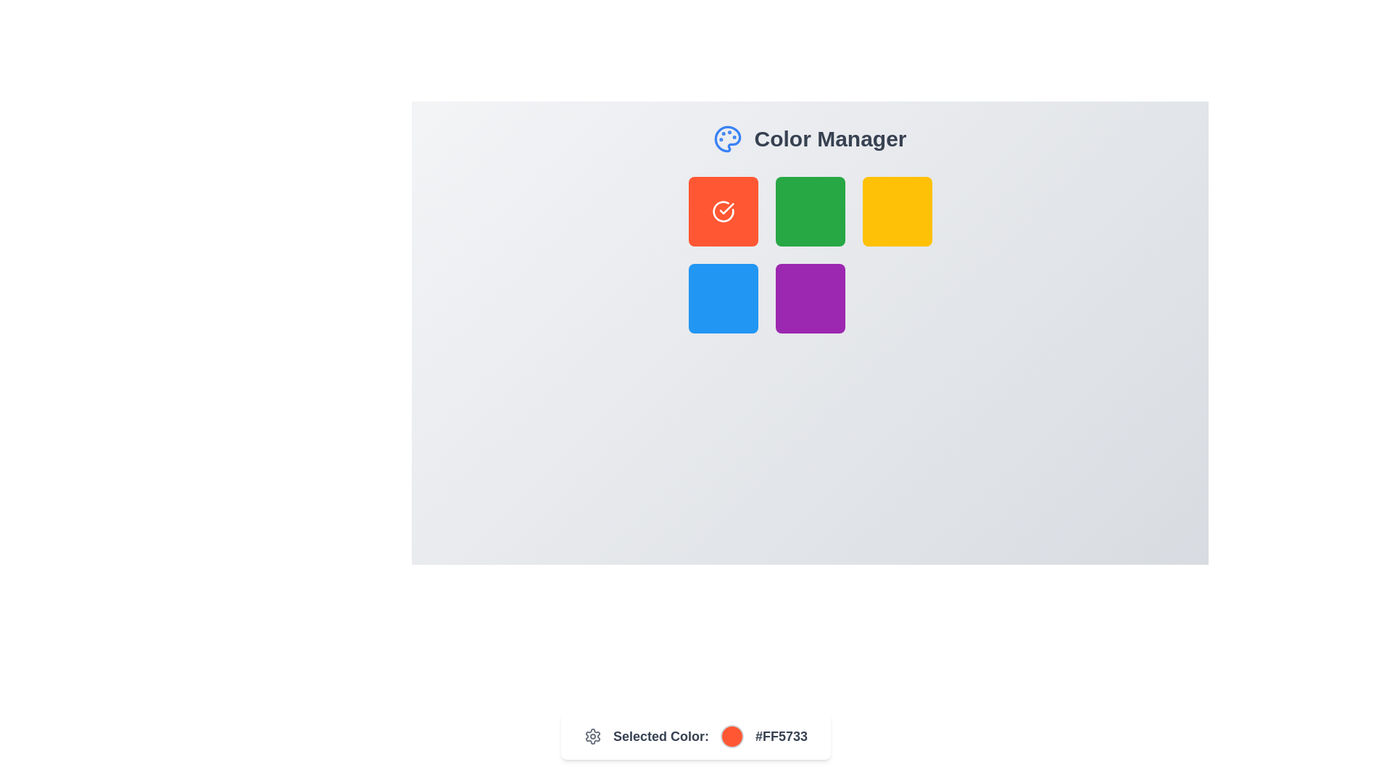 This screenshot has width=1392, height=783. What do you see at coordinates (723, 212) in the screenshot?
I see `the orange square button with rounded corners that features a white checkmark icon, located at the top-left corner of a 3x3 grid layout` at bounding box center [723, 212].